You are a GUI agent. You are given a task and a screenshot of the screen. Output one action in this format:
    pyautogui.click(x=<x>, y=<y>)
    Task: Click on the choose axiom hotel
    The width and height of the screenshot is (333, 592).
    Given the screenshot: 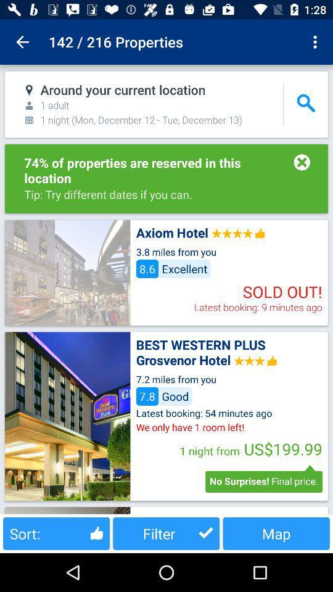 What is the action you would take?
    pyautogui.click(x=67, y=273)
    